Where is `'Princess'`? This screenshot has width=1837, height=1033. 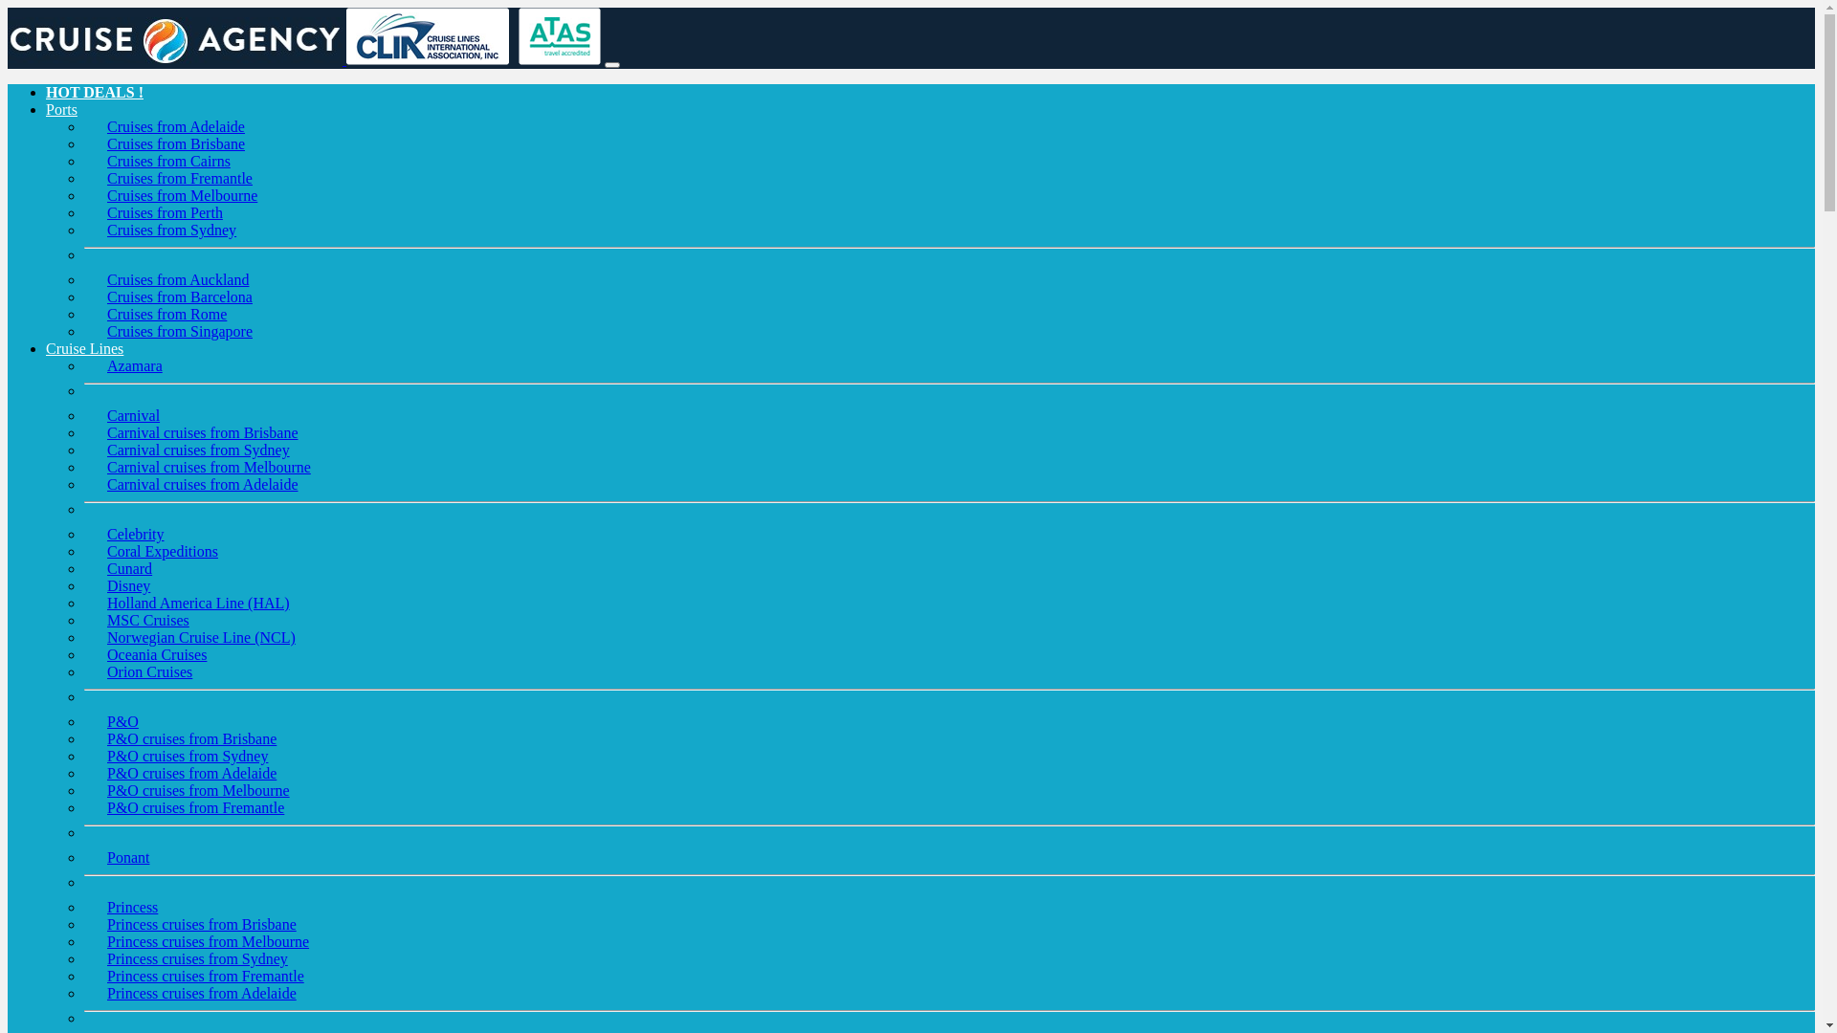
'Princess' is located at coordinates (131, 906).